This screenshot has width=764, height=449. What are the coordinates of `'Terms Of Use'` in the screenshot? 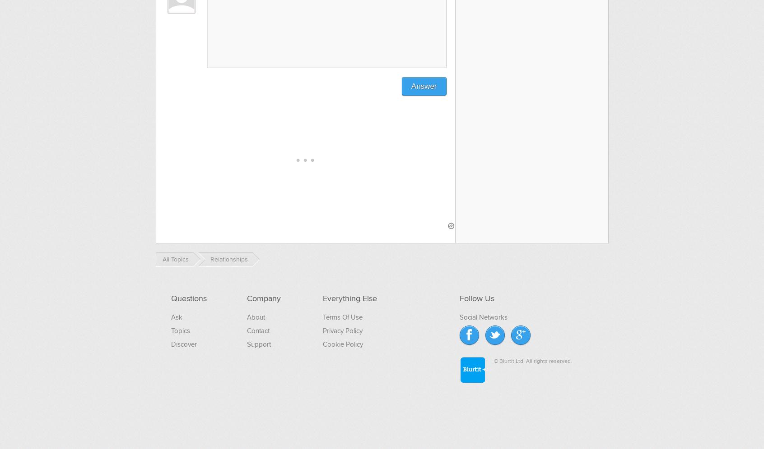 It's located at (342, 316).